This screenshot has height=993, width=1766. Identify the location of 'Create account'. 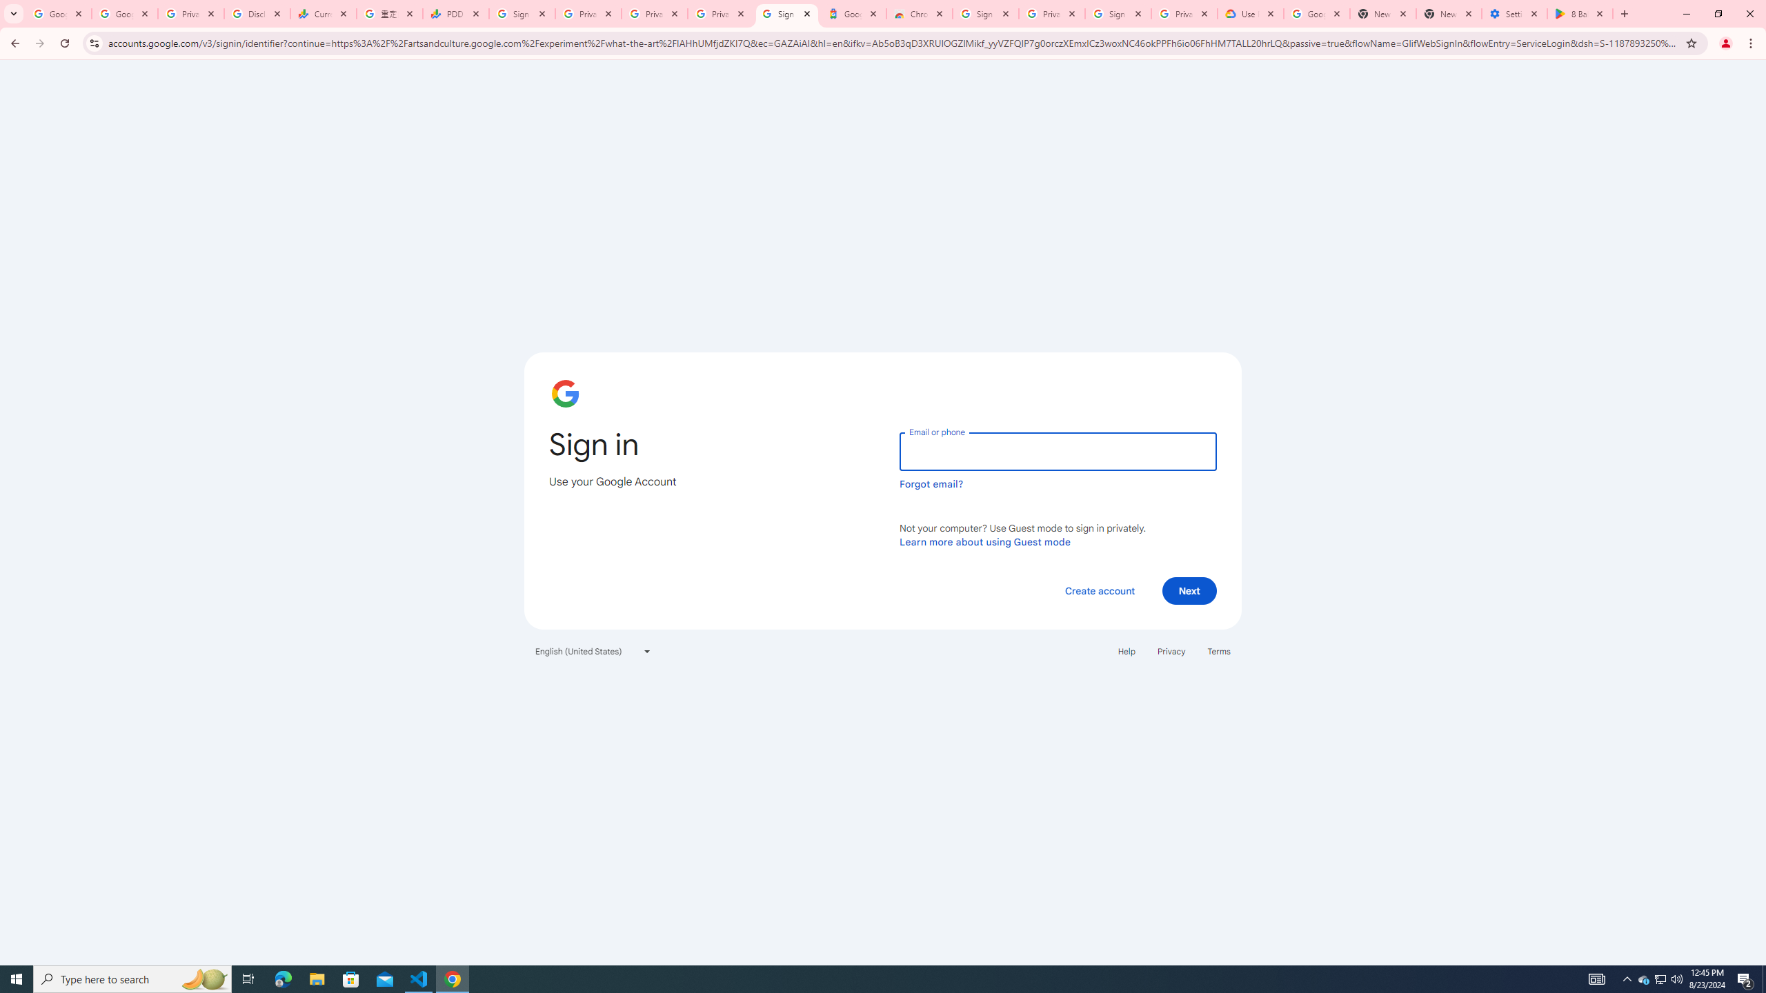
(1099, 590).